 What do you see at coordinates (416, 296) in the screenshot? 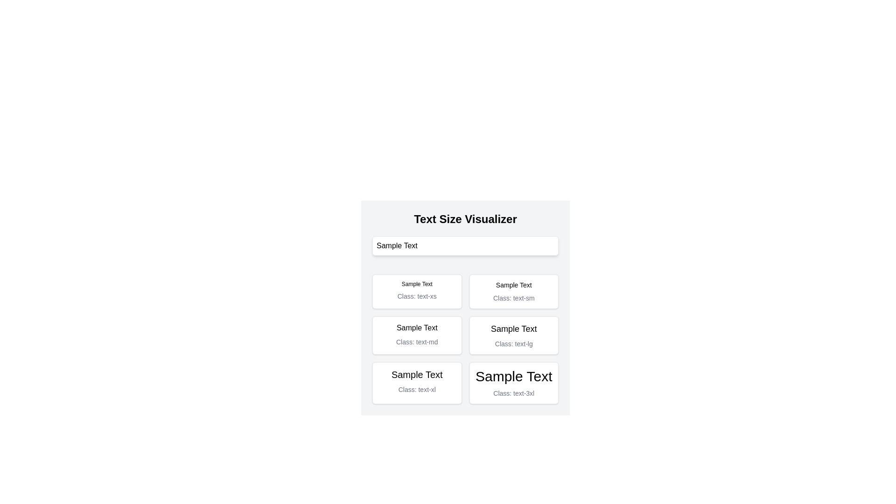
I see `the text label displaying 'Class: text-xs' which is styled in small gray font and positioned beneath the bold text 'Sample Text' in the upper-left of the grid interface` at bounding box center [416, 296].